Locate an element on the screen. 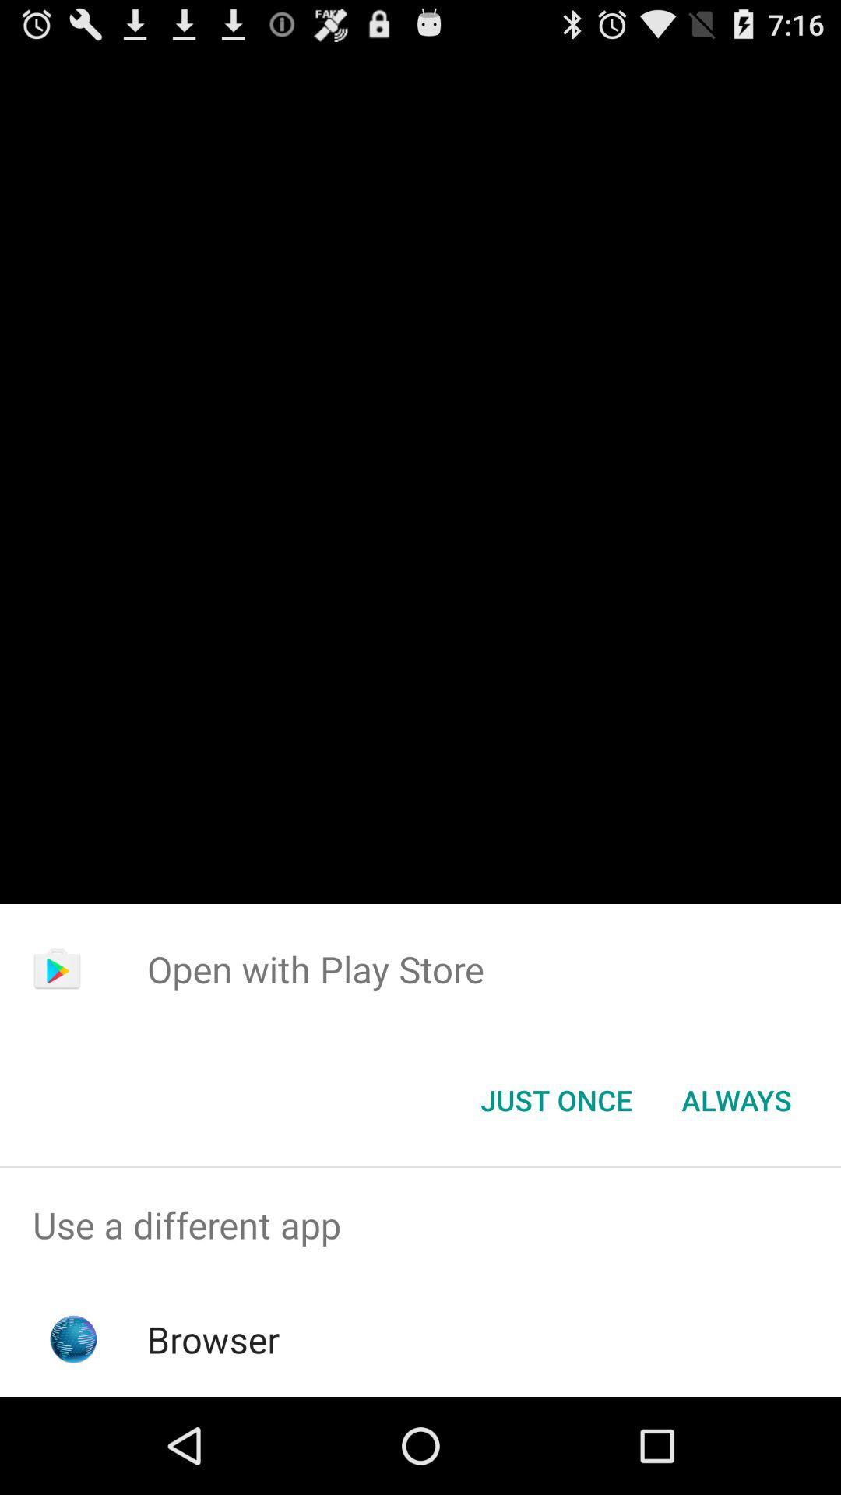  always item is located at coordinates (736, 1099).